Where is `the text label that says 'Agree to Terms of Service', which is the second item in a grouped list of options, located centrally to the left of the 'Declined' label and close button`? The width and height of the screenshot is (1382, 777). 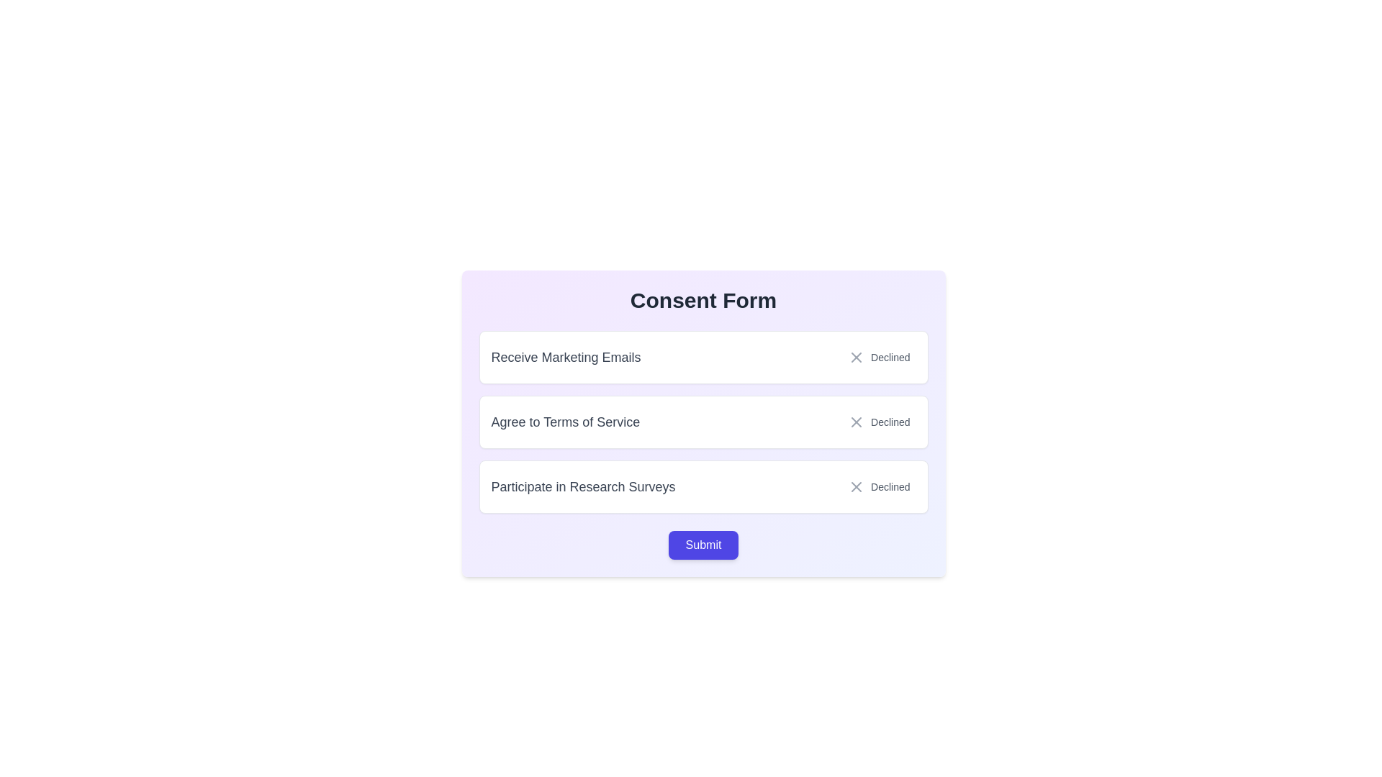
the text label that says 'Agree to Terms of Service', which is the second item in a grouped list of options, located centrally to the left of the 'Declined' label and close button is located at coordinates (564, 421).